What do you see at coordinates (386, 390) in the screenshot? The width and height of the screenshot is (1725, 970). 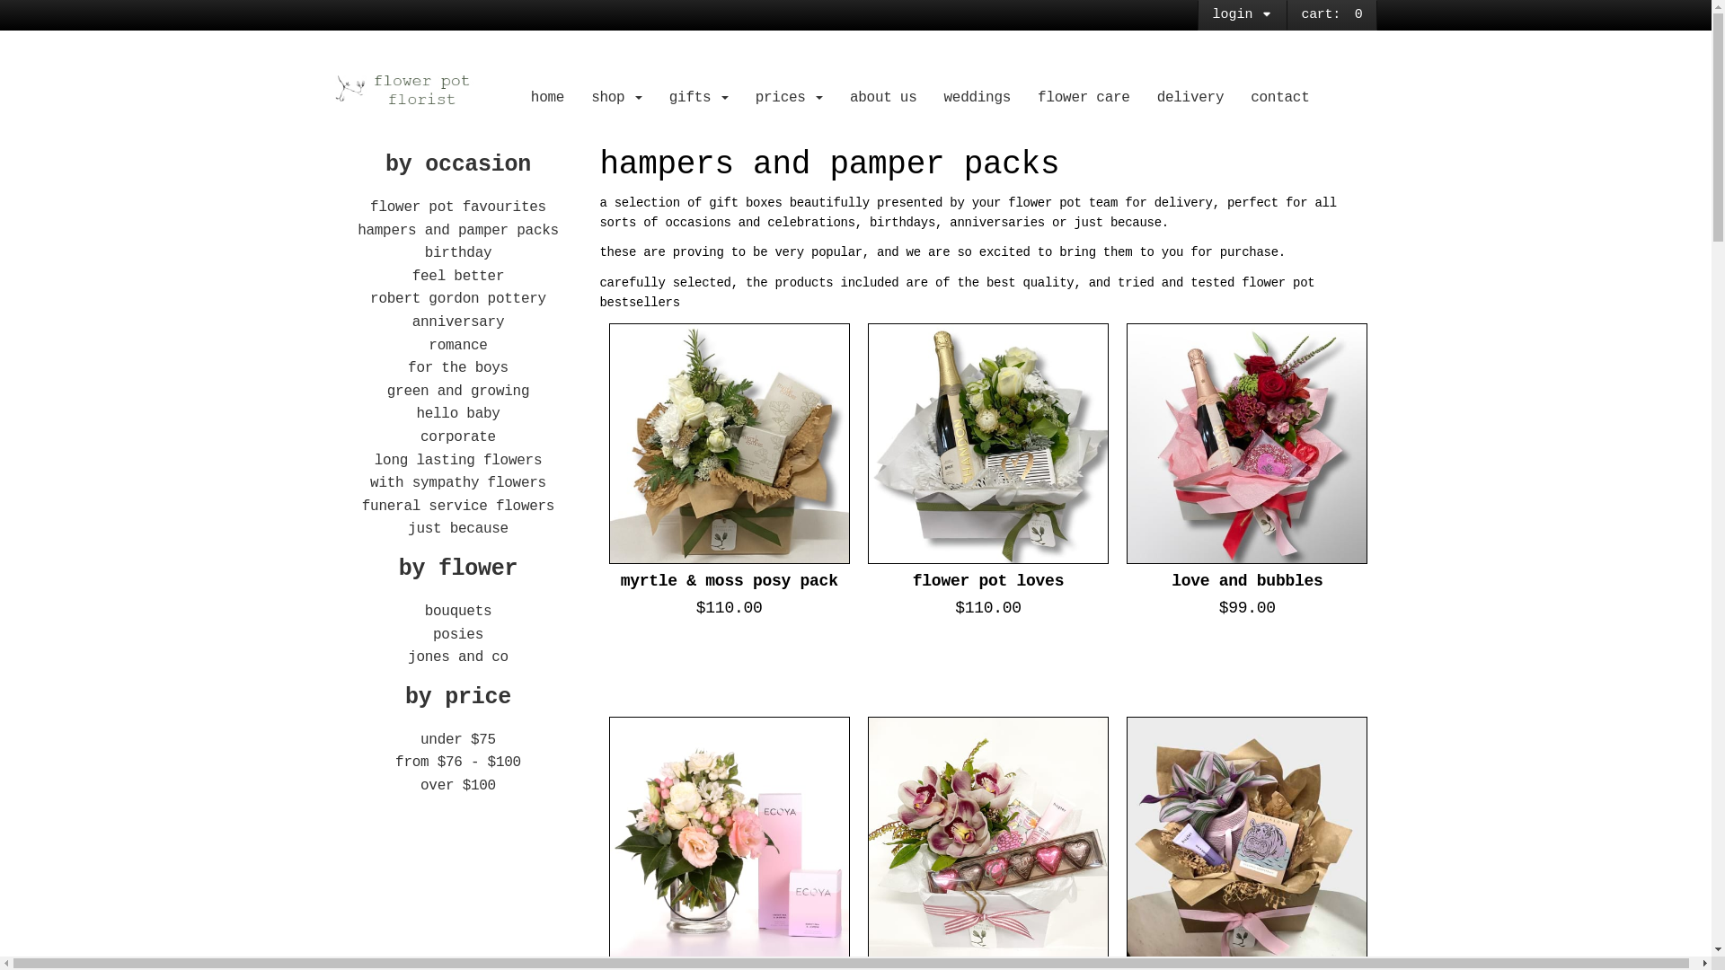 I see `'green and growing'` at bounding box center [386, 390].